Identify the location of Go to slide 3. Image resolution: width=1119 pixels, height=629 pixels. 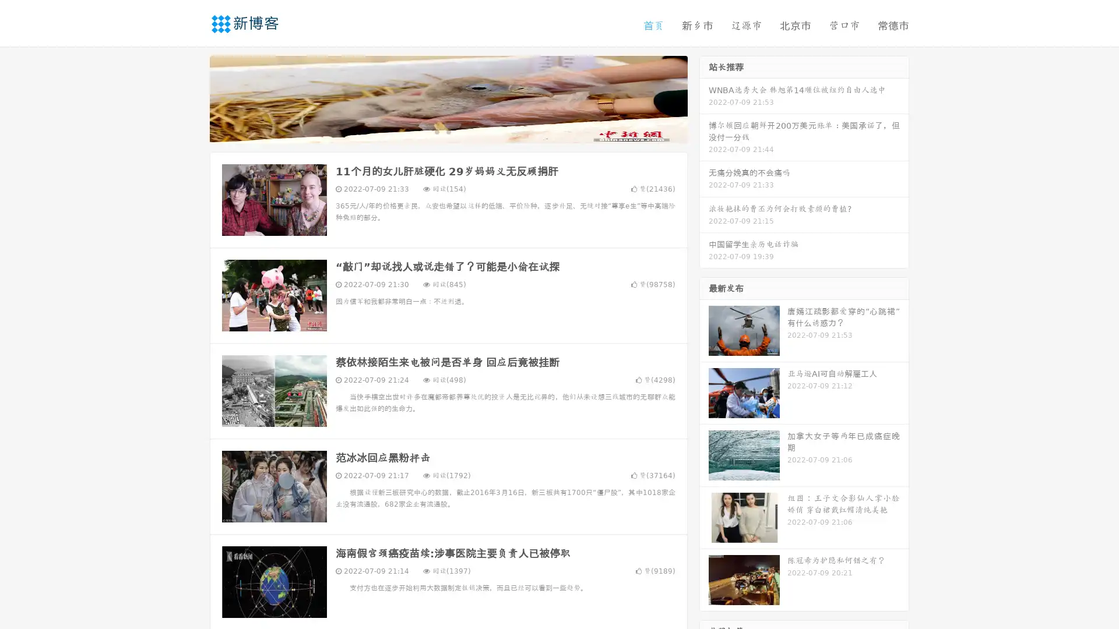
(460, 131).